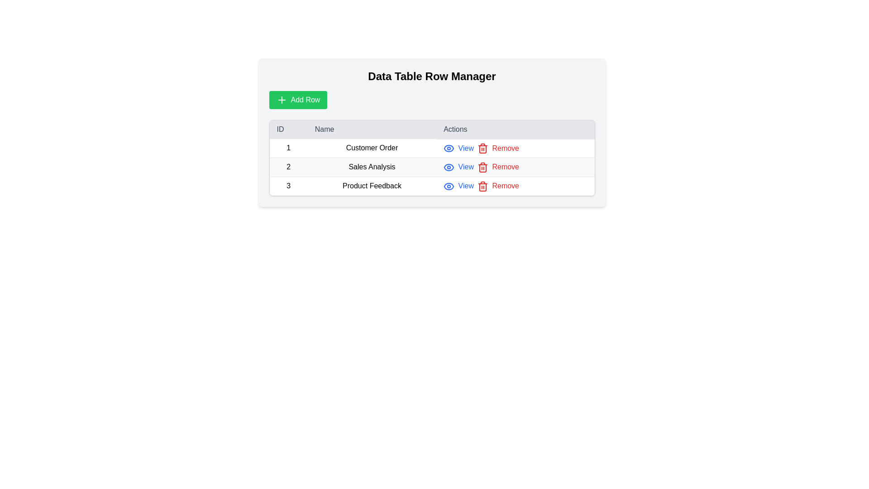  What do you see at coordinates (449, 148) in the screenshot?
I see `the eye icon in the first row of the actions column` at bounding box center [449, 148].